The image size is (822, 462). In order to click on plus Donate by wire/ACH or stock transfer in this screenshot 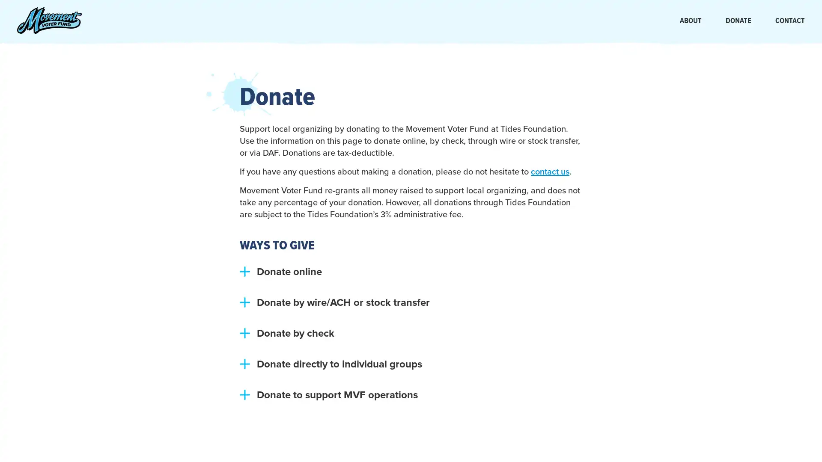, I will do `click(411, 302)`.